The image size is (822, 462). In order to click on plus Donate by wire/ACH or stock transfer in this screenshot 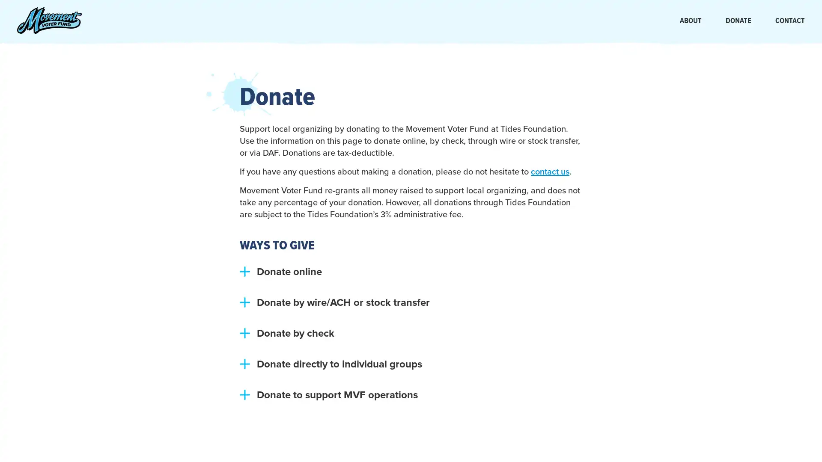, I will do `click(411, 302)`.